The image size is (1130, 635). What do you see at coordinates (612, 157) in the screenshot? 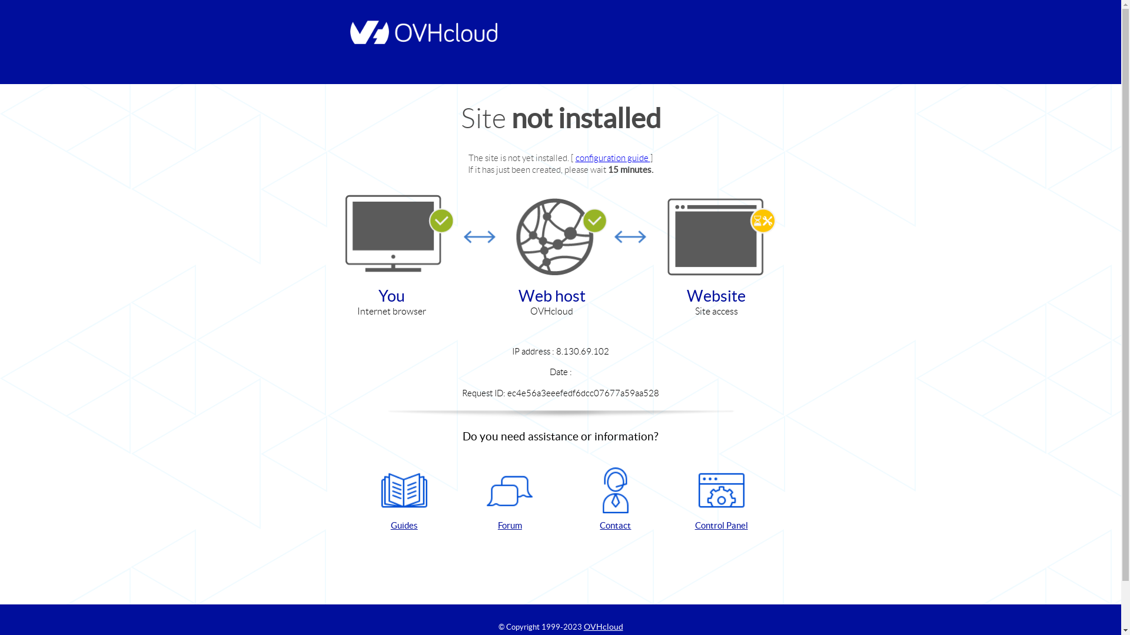
I see `'configuration guide'` at bounding box center [612, 157].